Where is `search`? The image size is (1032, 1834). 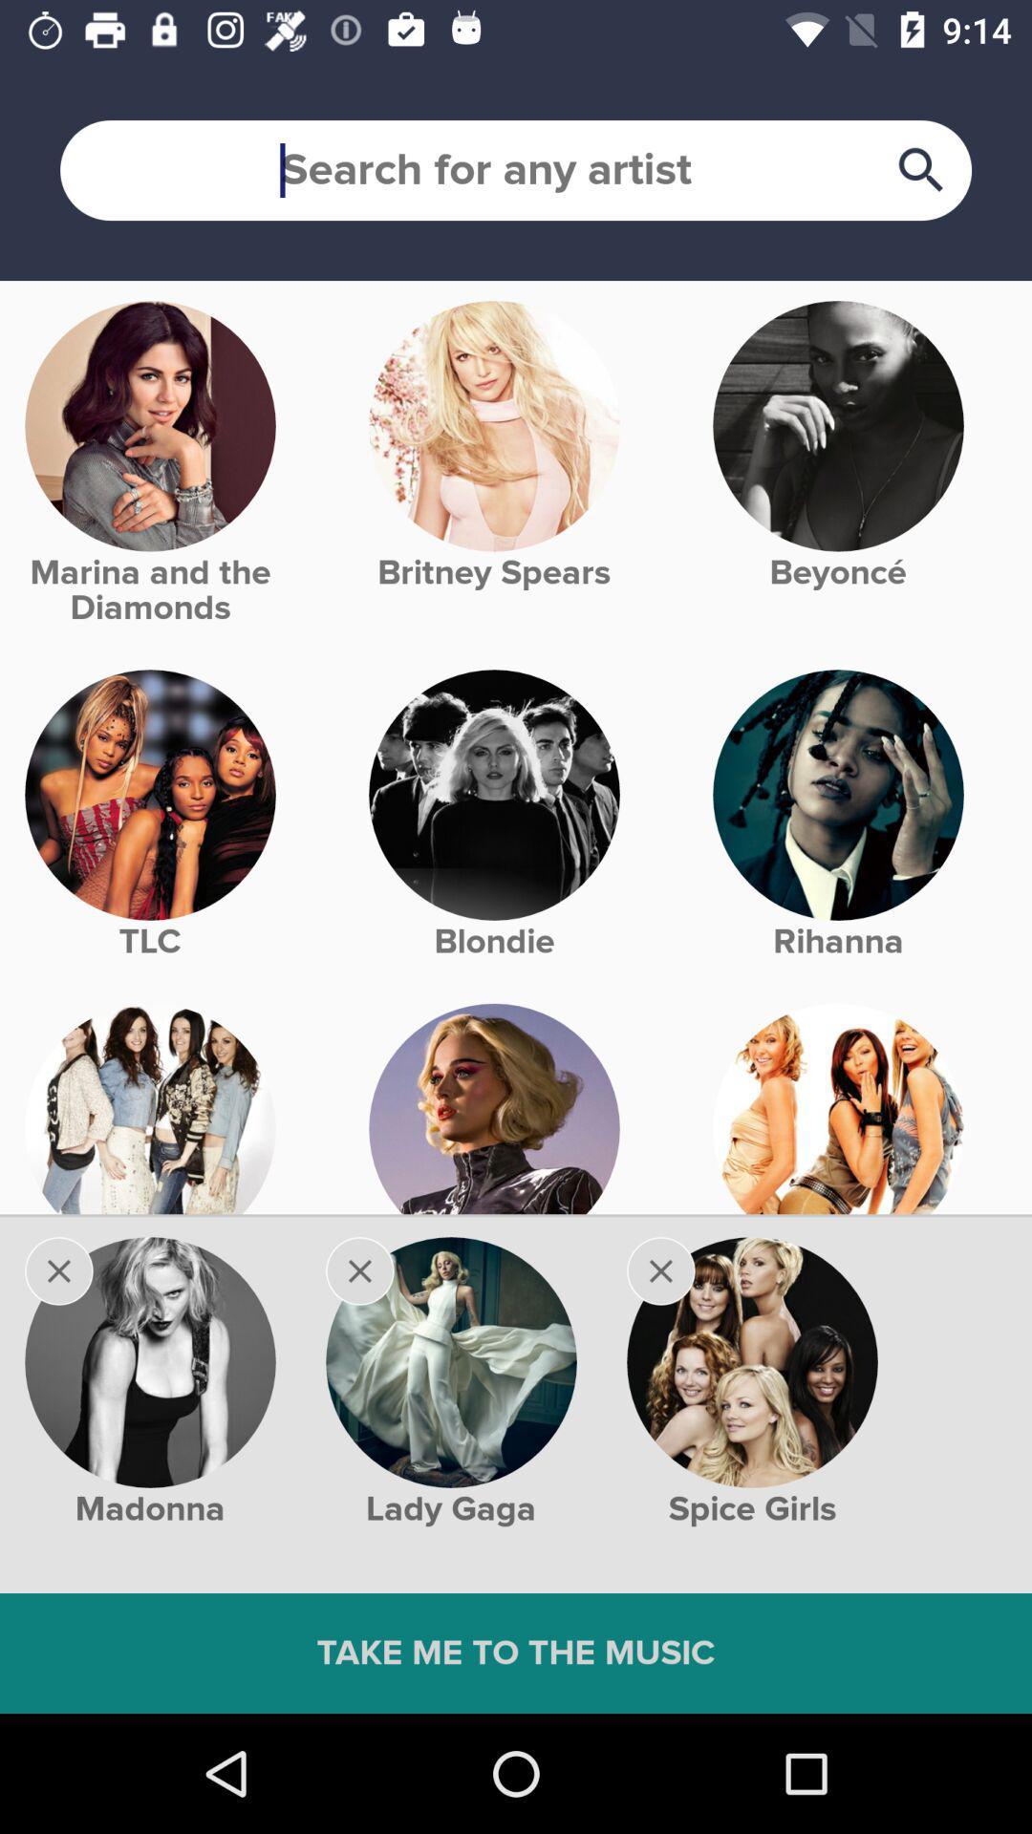
search is located at coordinates (516, 170).